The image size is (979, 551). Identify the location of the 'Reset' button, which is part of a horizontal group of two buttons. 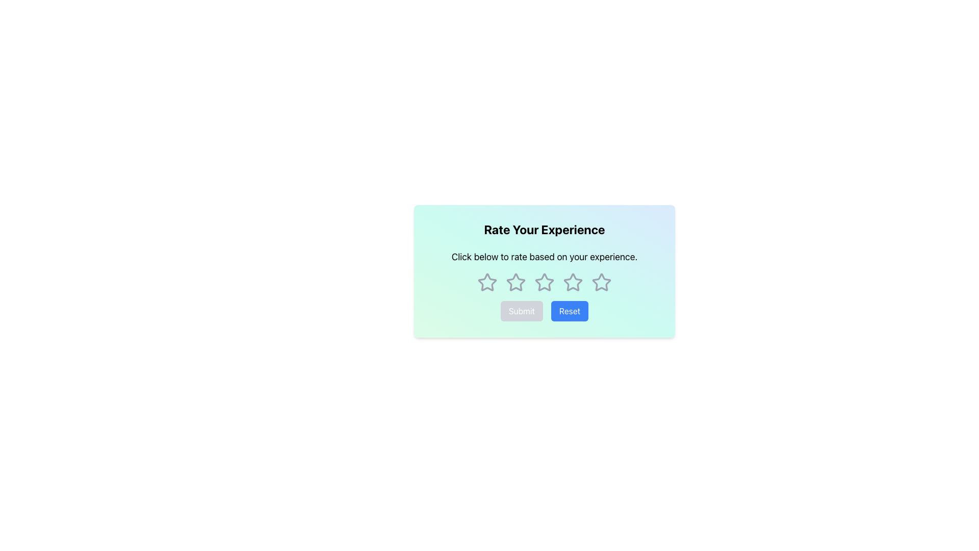
(544, 310).